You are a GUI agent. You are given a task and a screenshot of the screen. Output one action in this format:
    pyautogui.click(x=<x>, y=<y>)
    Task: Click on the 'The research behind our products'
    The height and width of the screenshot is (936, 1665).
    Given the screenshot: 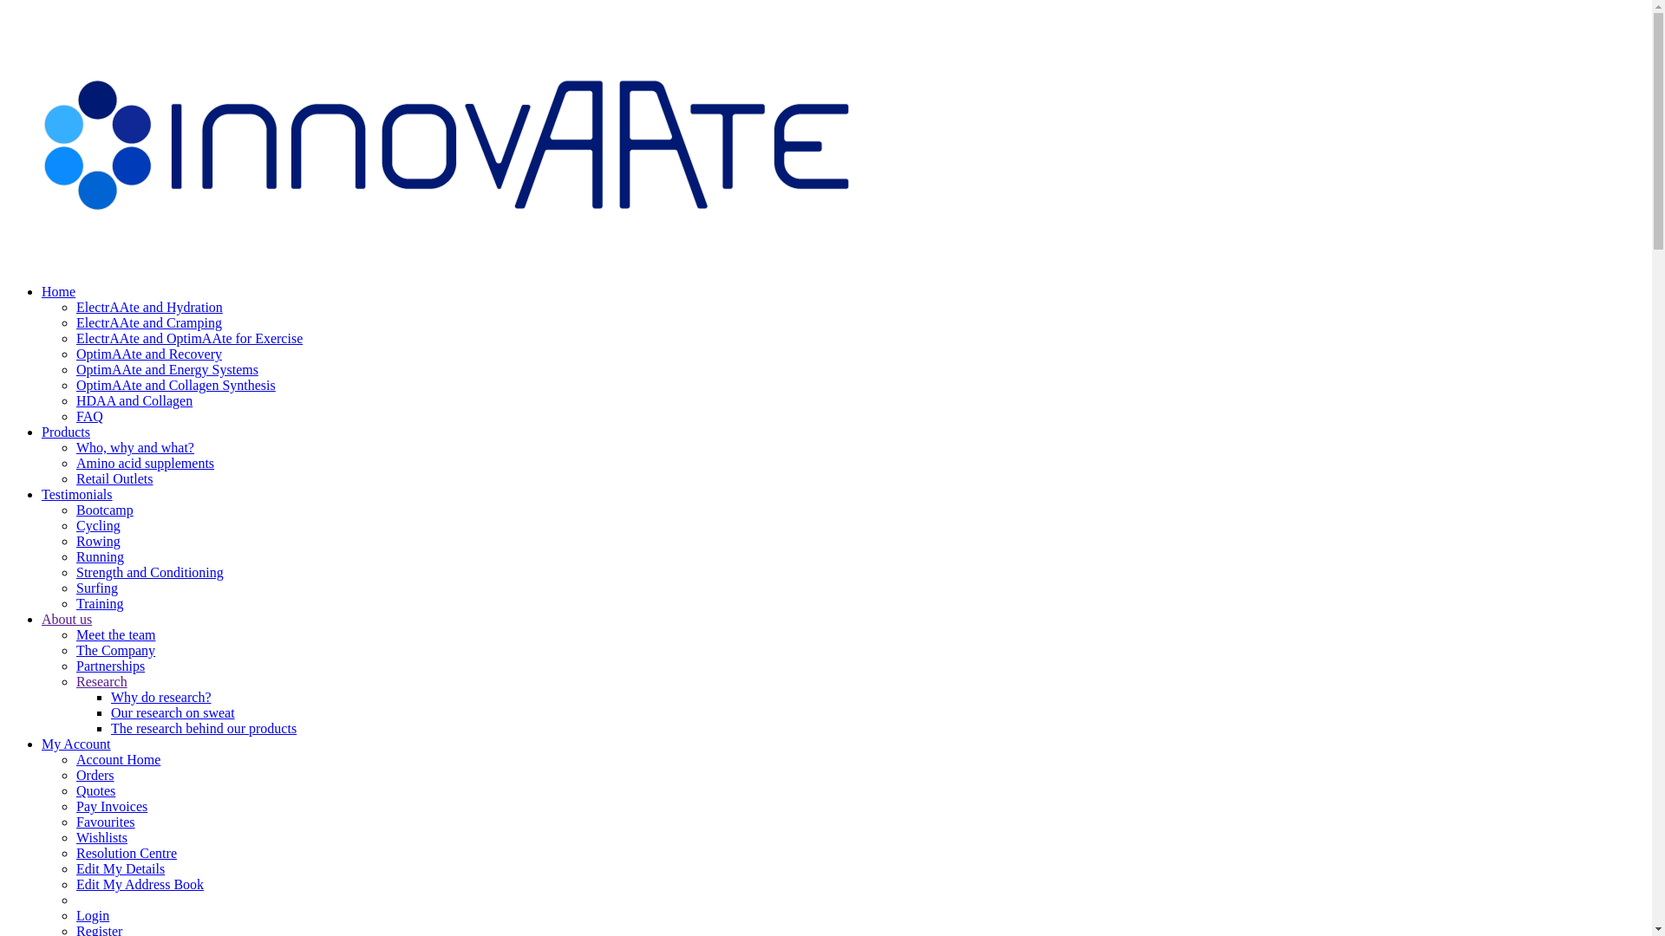 What is the action you would take?
    pyautogui.click(x=110, y=728)
    